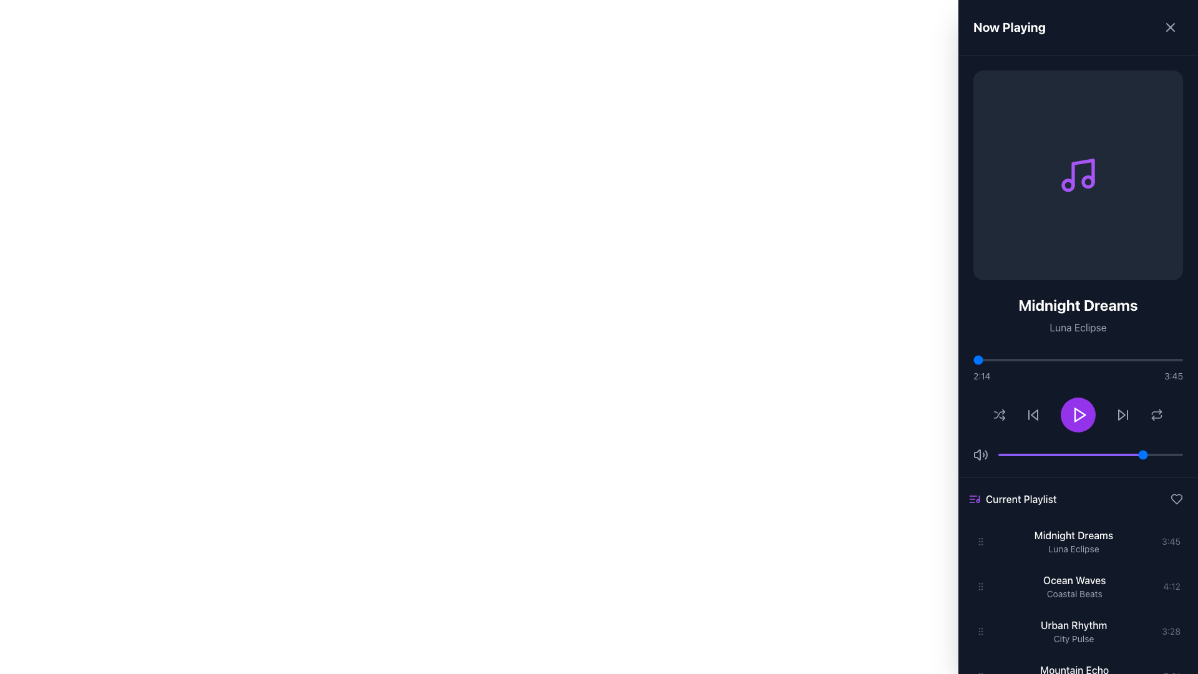 This screenshot has height=674, width=1198. What do you see at coordinates (1078, 540) in the screenshot?
I see `the first track item in the playlist` at bounding box center [1078, 540].